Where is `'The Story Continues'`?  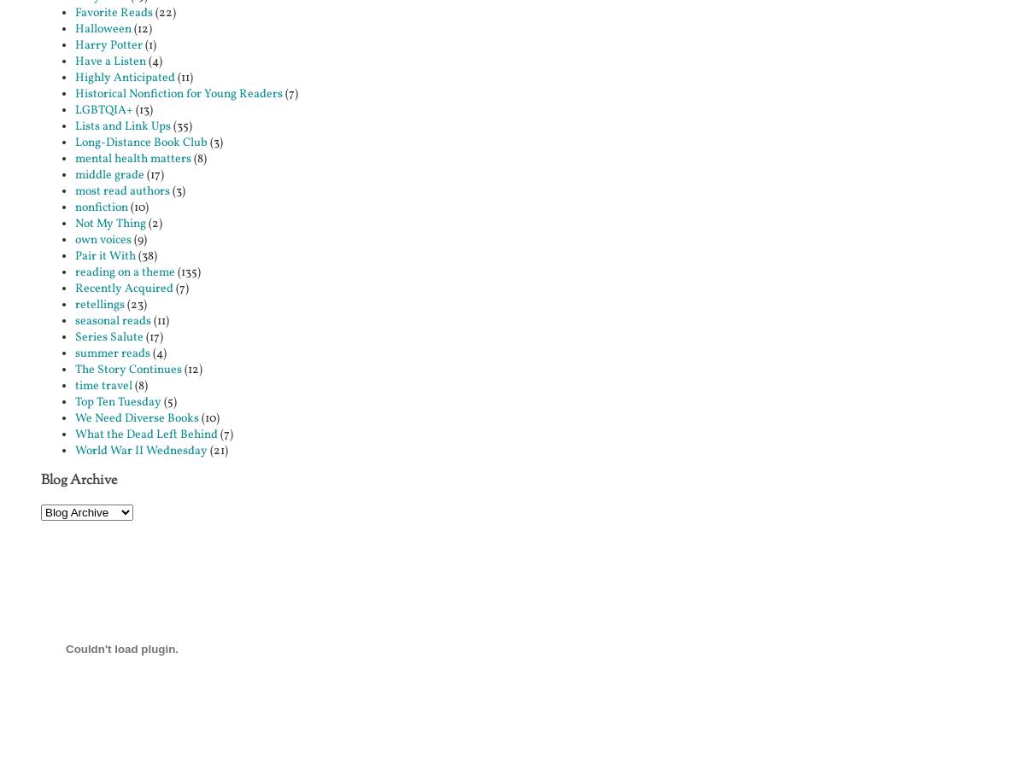 'The Story Continues' is located at coordinates (127, 369).